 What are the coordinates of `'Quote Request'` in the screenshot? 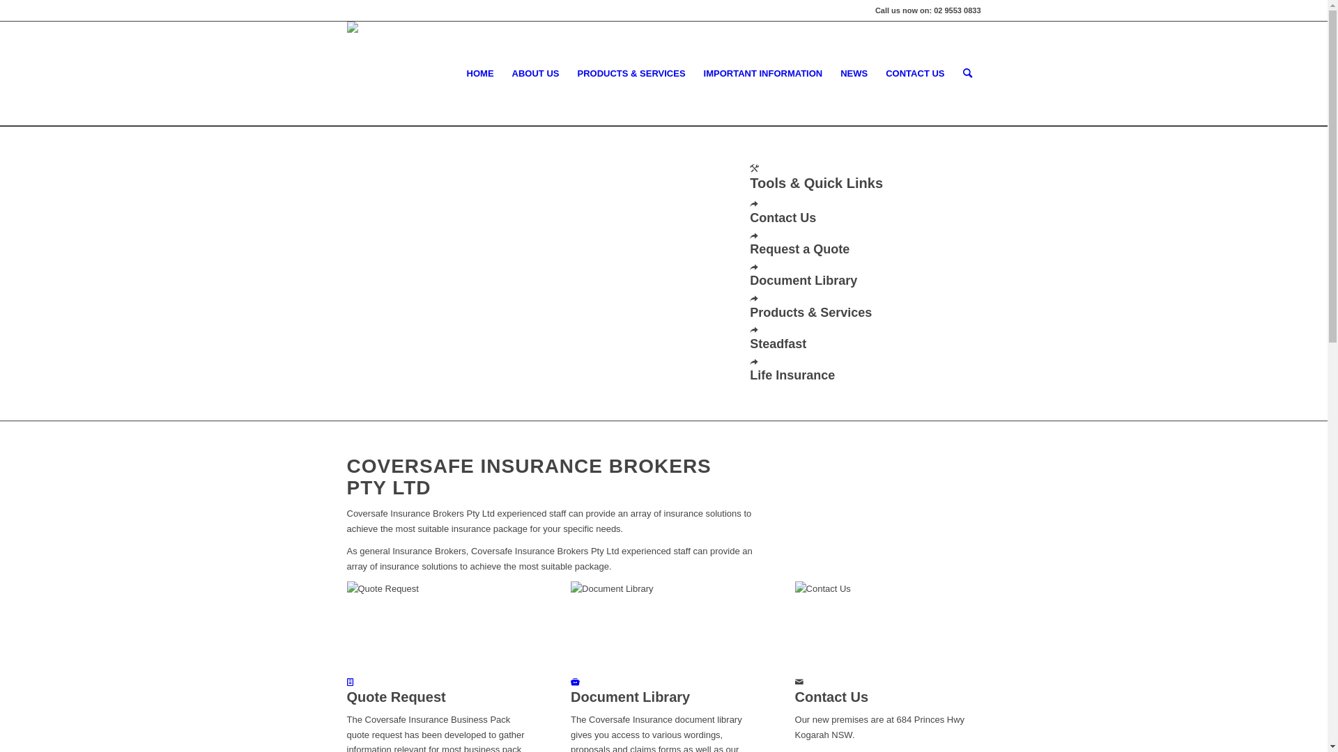 It's located at (396, 697).